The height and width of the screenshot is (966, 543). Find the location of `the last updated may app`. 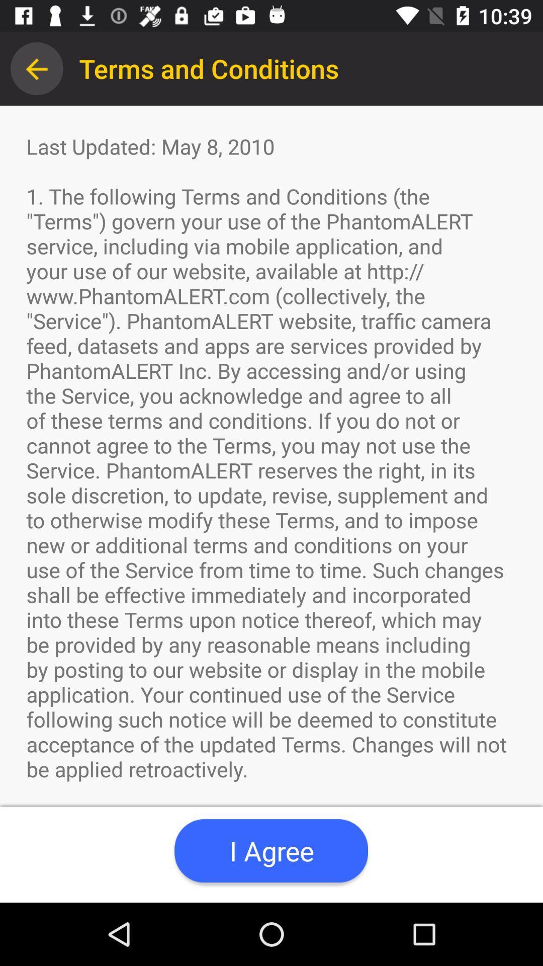

the last updated may app is located at coordinates (271, 504).